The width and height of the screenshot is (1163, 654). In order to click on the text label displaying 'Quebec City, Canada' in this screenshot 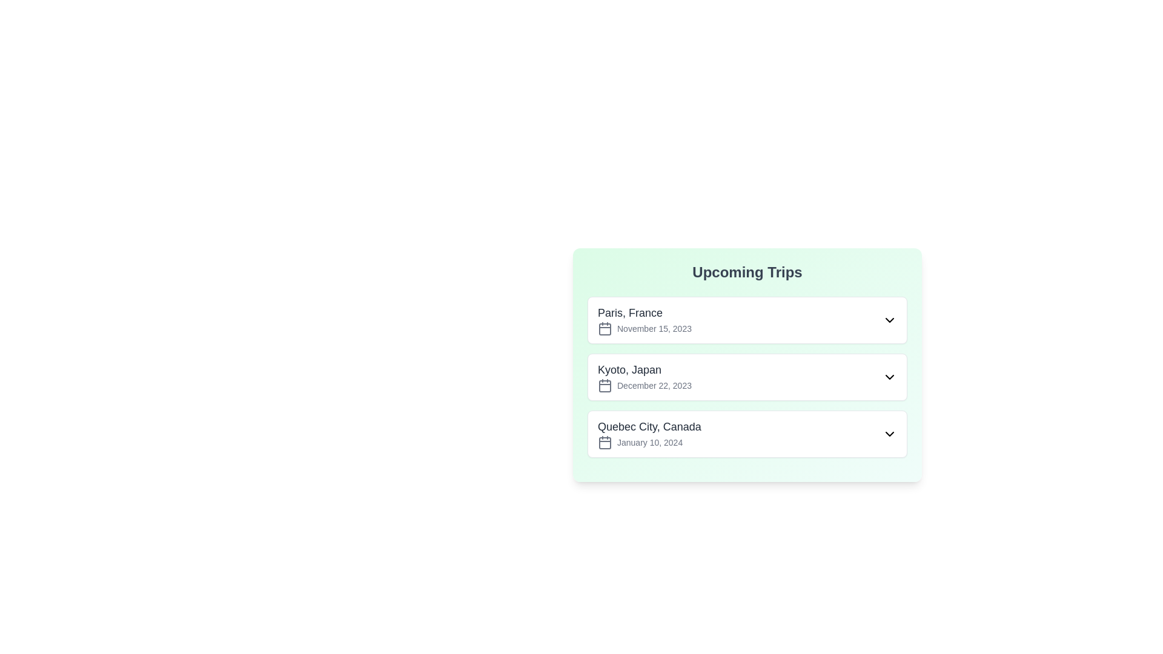, I will do `click(649, 426)`.